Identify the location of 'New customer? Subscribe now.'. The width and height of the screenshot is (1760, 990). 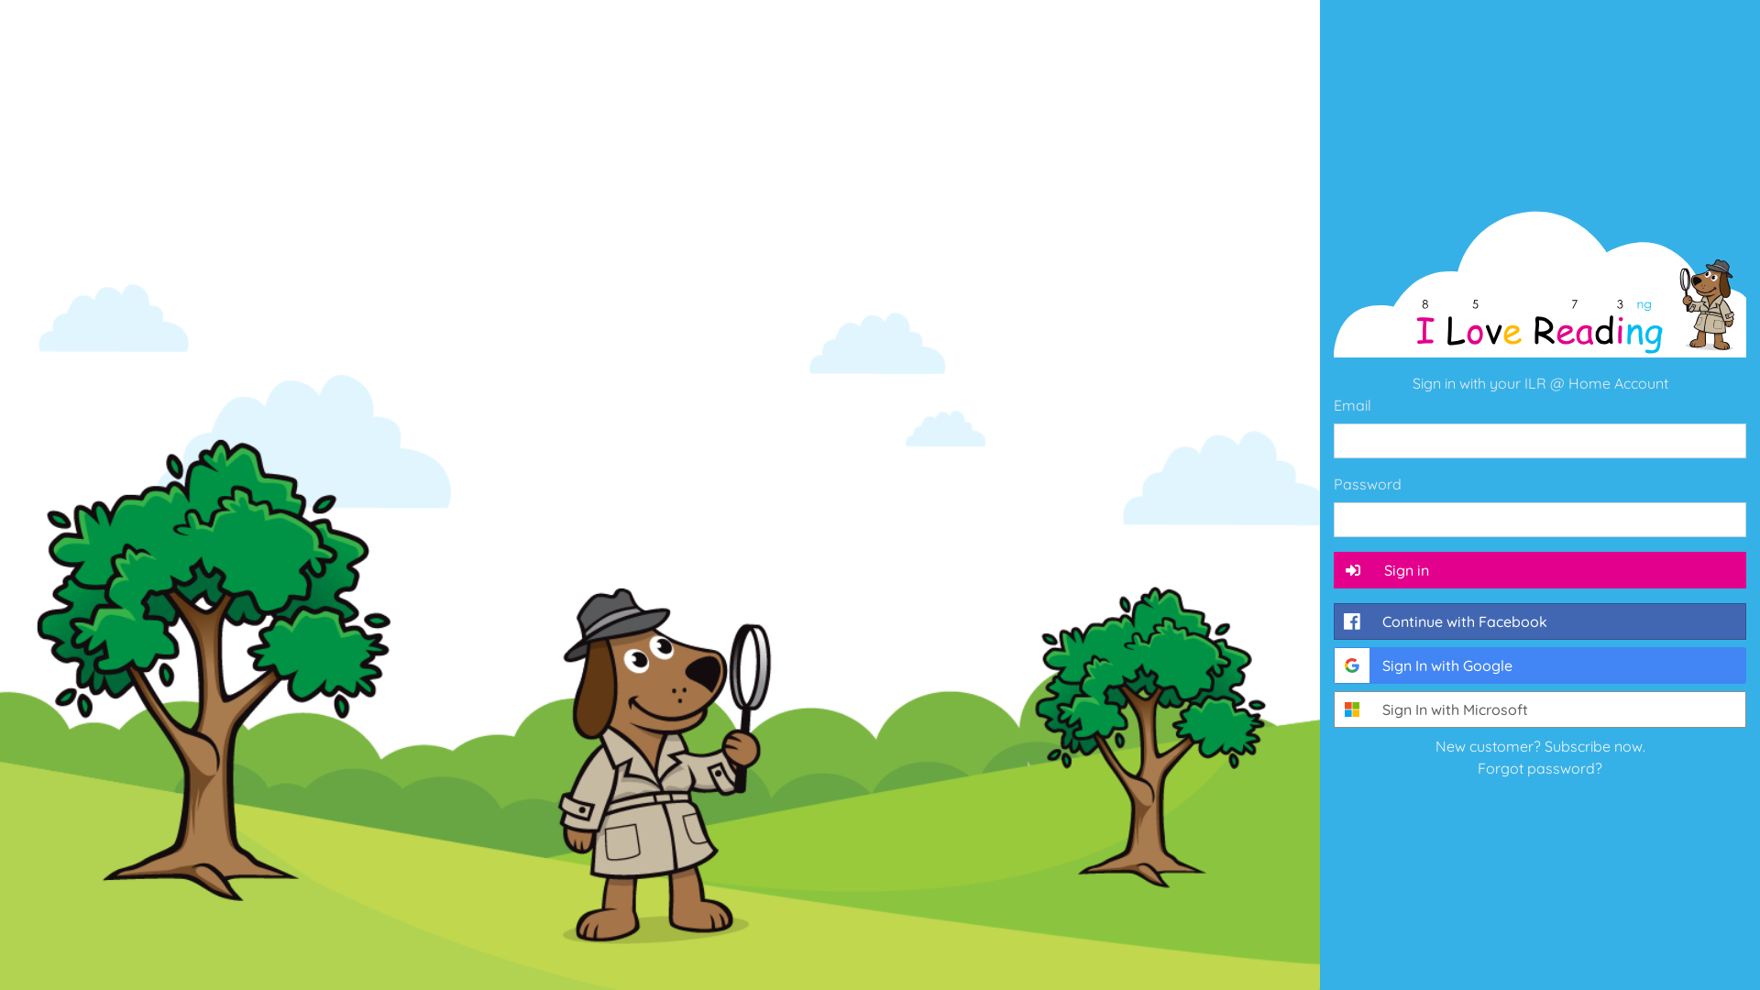
(1540, 745).